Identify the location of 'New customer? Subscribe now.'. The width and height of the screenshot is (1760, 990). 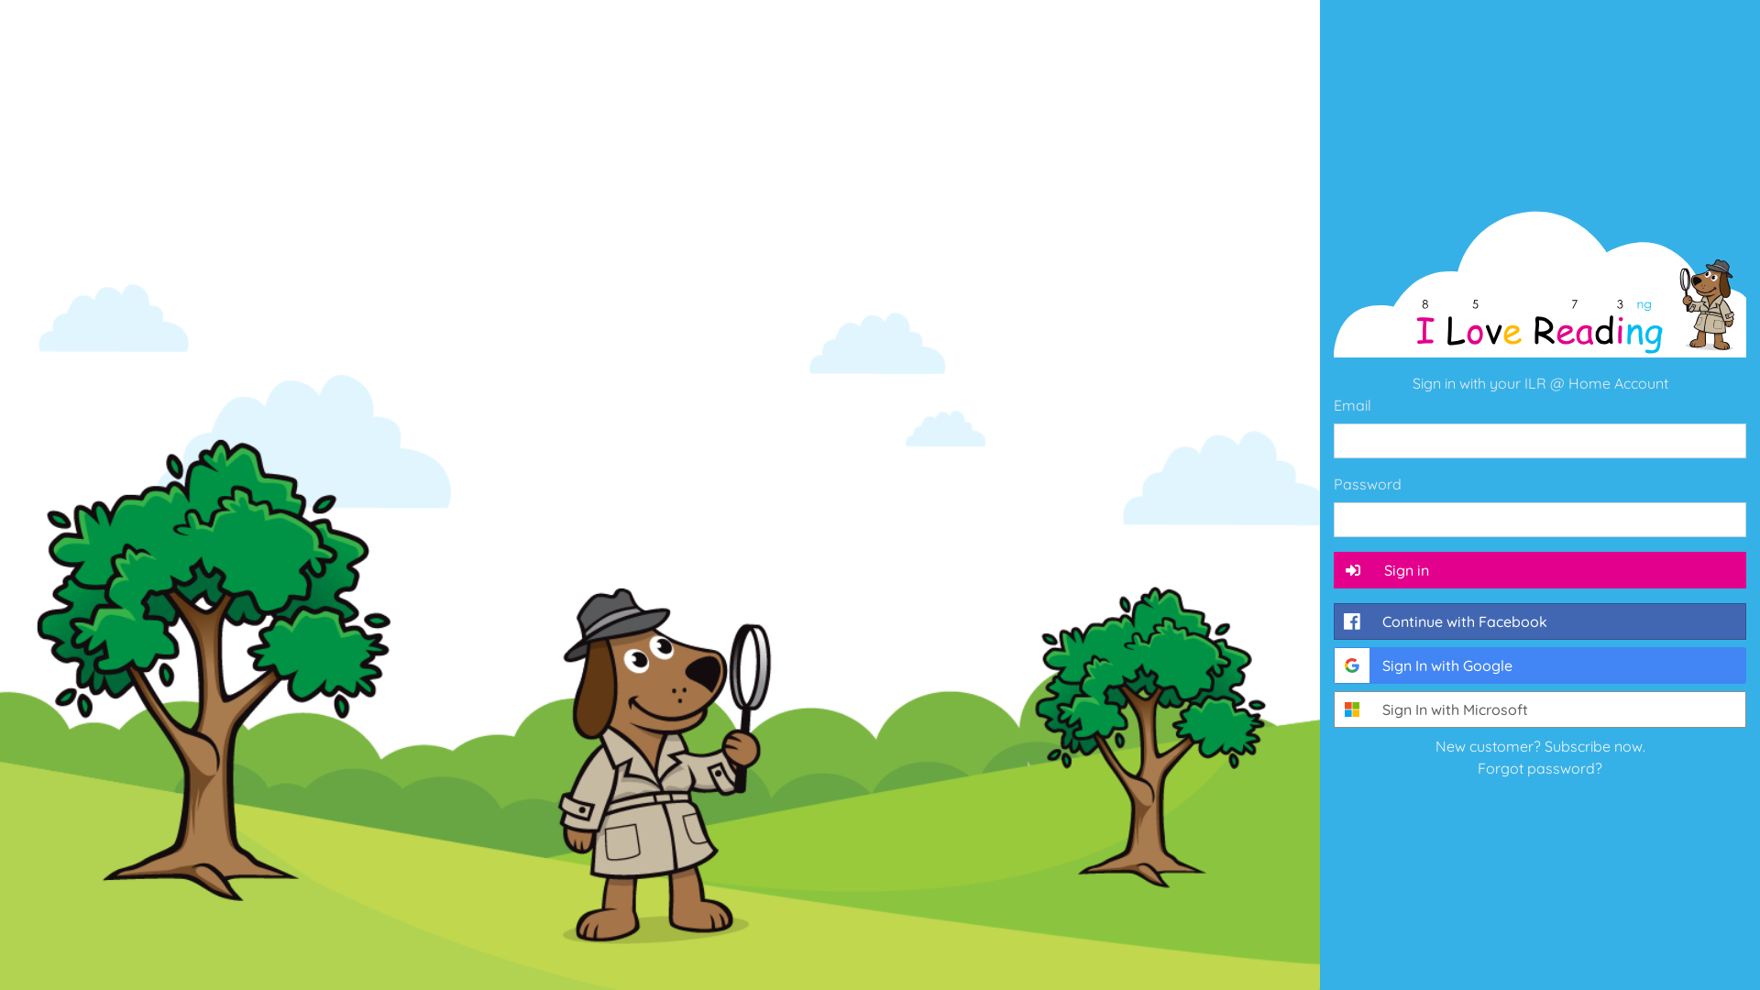
(1540, 745).